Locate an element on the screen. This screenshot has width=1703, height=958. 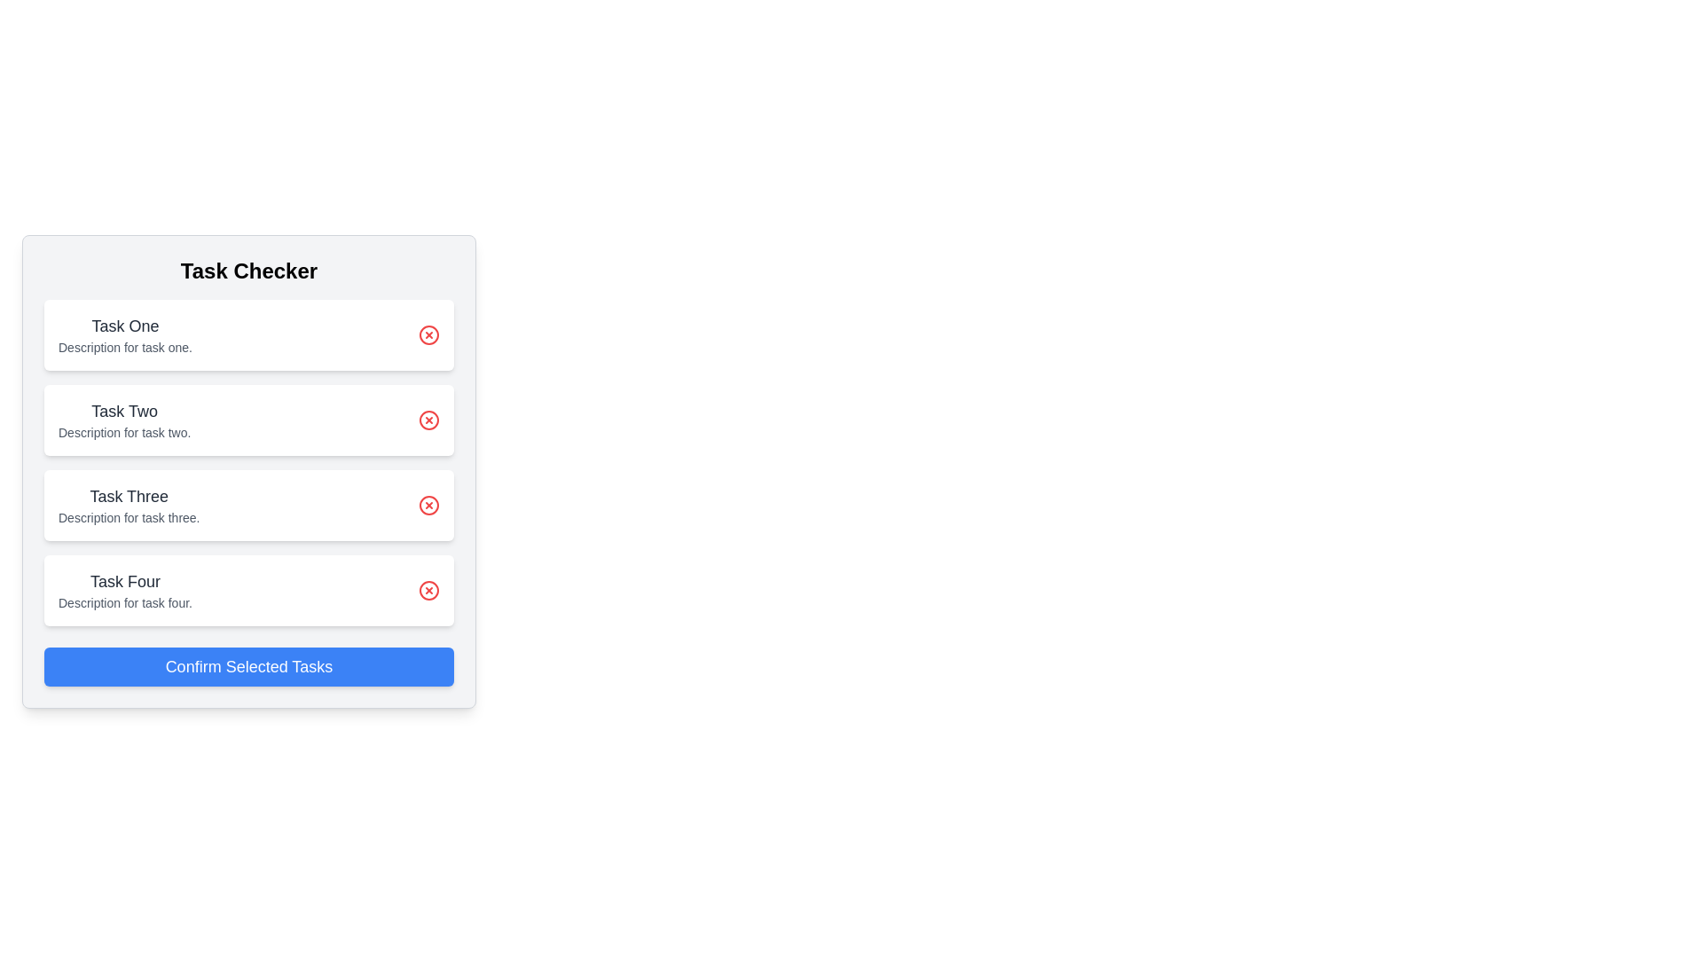
text content of the title label for the first task, positioned at the top of the first task card in the vertical list is located at coordinates (124, 326).